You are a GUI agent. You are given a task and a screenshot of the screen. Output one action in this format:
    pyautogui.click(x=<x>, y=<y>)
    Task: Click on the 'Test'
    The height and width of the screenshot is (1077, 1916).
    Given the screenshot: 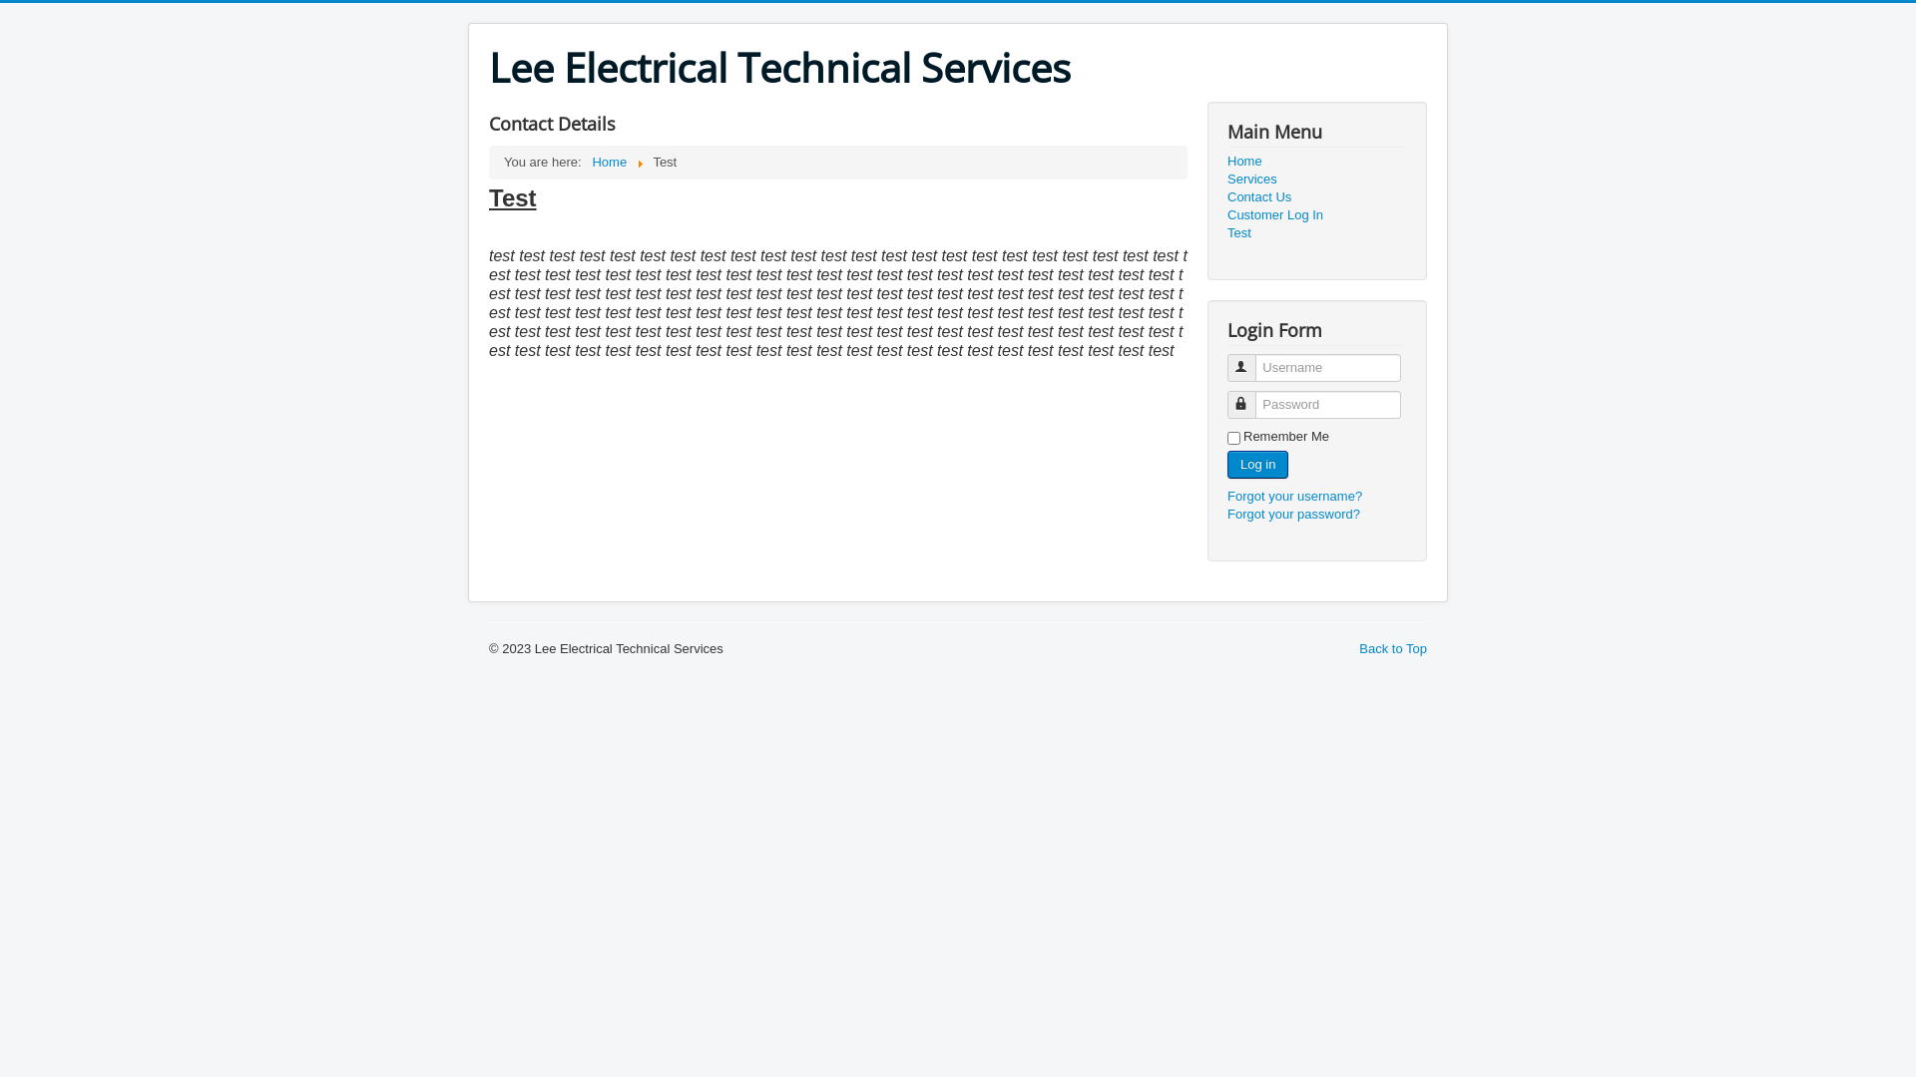 What is the action you would take?
    pyautogui.click(x=1225, y=232)
    